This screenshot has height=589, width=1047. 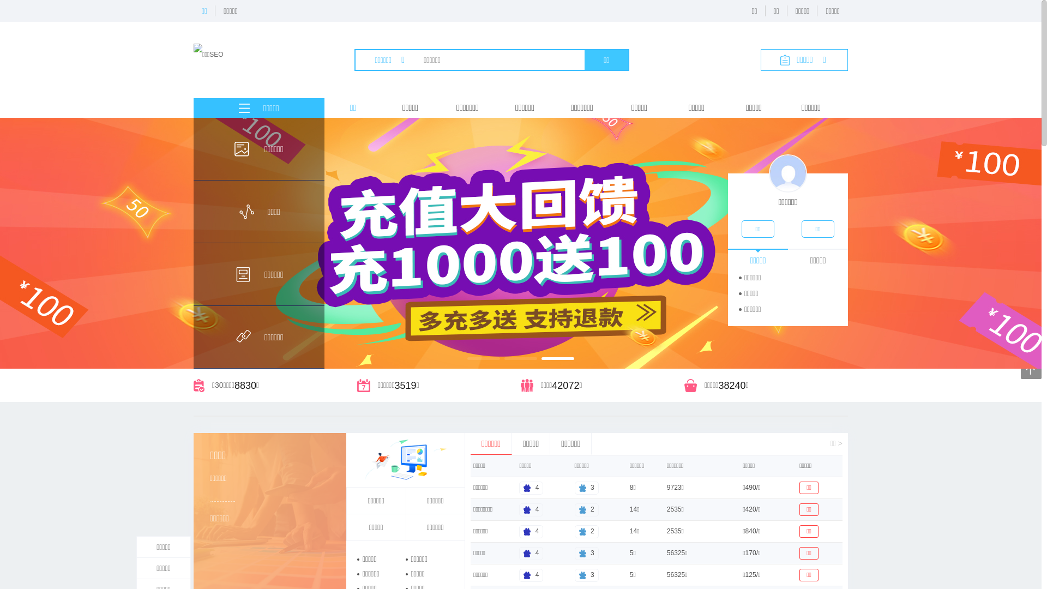 What do you see at coordinates (586, 574) in the screenshot?
I see `'3'` at bounding box center [586, 574].